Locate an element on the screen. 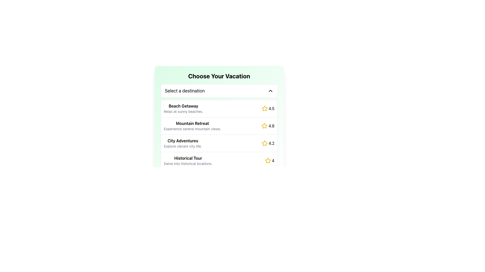  the third star-shaped visual rating indicator located to the right of the 'City Adventures' entry in the vertically structured list is located at coordinates (264, 143).